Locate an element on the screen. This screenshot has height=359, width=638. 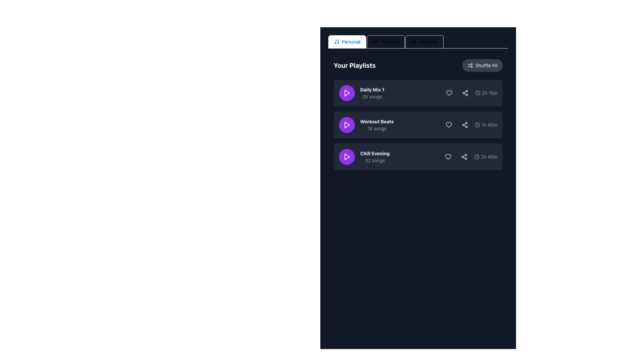
the circular purple button with a white play icon located in the 'Your Playlists' section, aligned with 'Workout Beats' is located at coordinates (346, 125).